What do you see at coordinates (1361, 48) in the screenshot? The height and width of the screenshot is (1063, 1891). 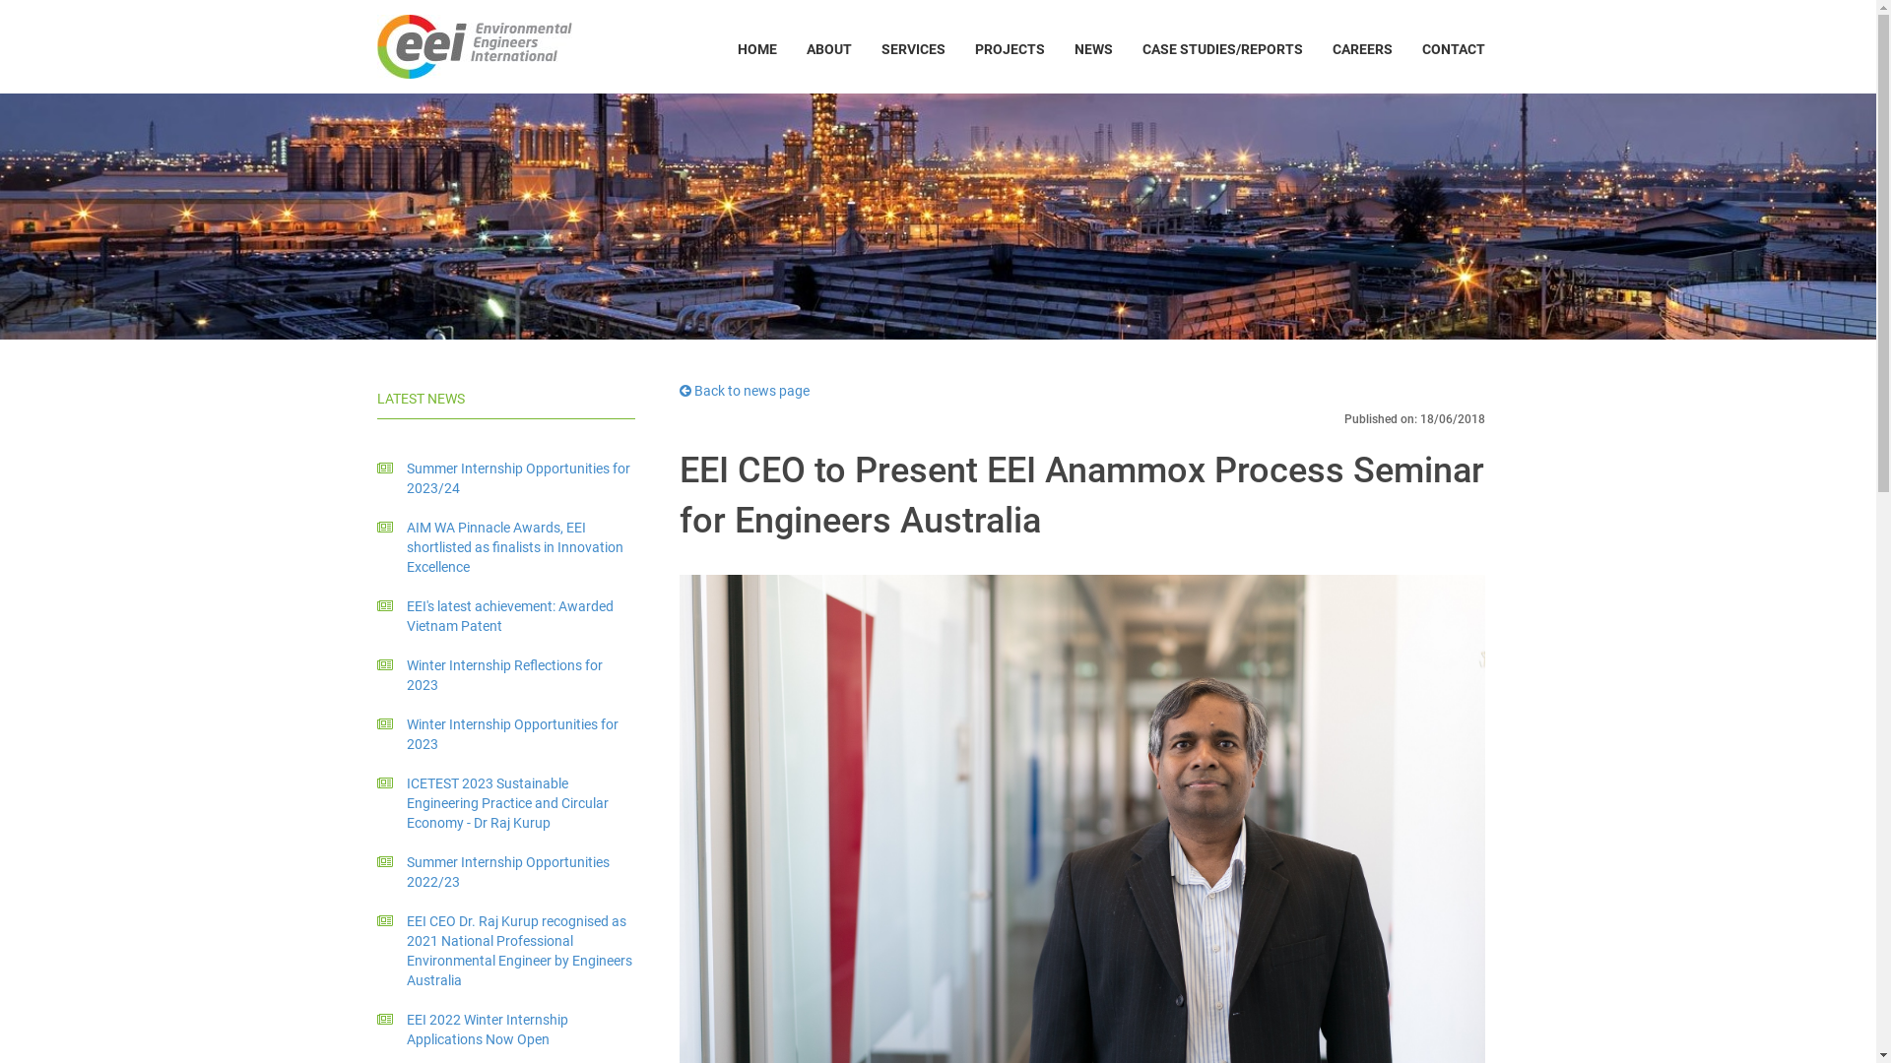 I see `'CAREERS'` at bounding box center [1361, 48].